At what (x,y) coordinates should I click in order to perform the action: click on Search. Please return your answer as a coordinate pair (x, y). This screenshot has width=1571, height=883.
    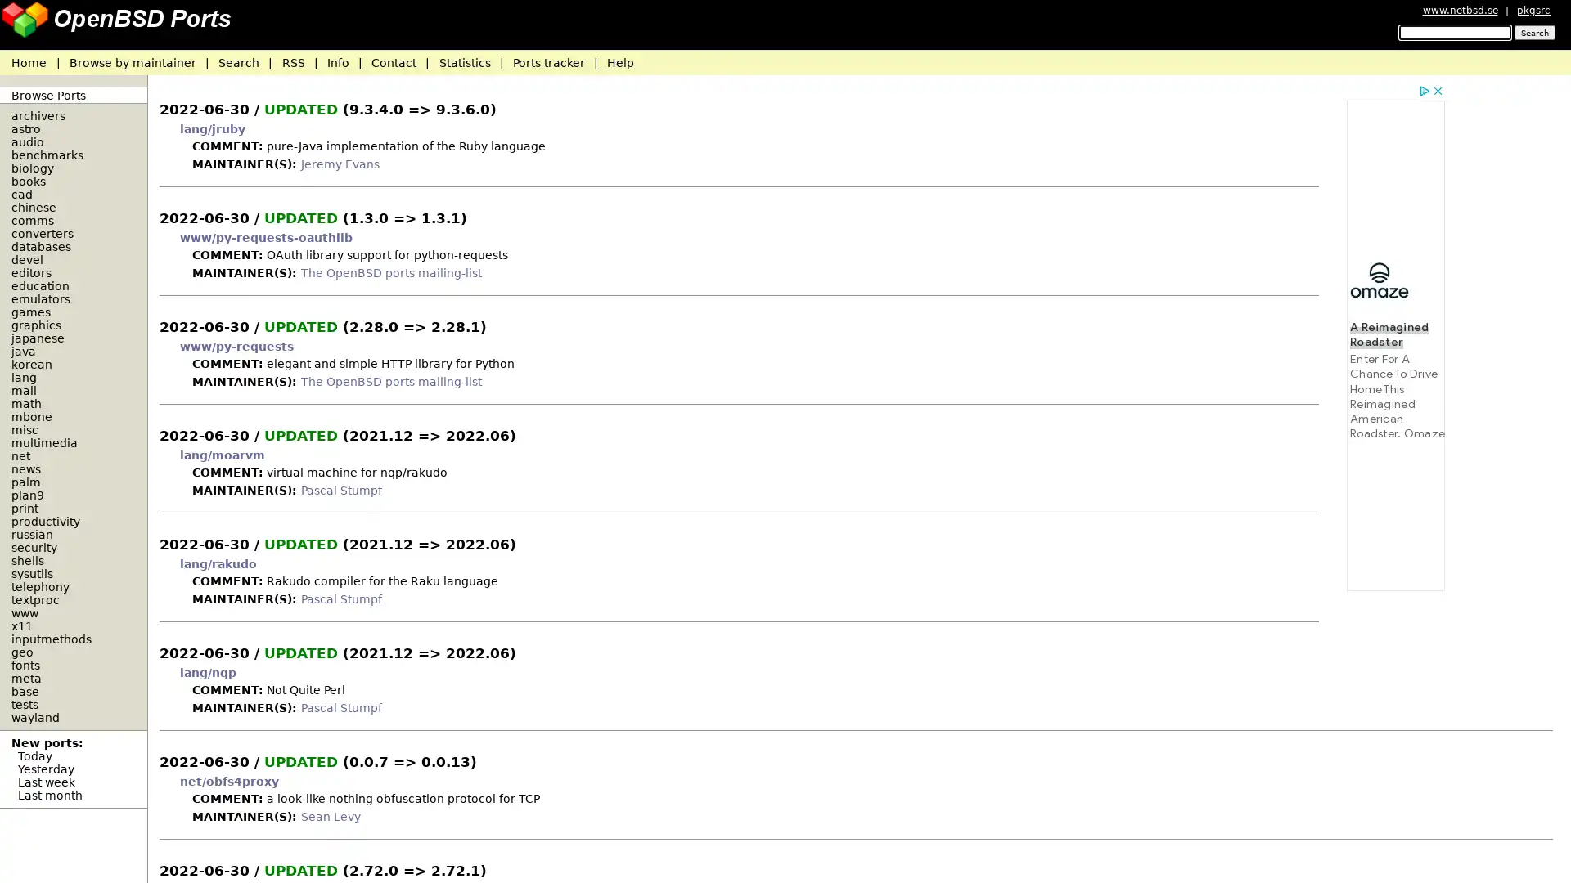
    Looking at the image, I should click on (1533, 32).